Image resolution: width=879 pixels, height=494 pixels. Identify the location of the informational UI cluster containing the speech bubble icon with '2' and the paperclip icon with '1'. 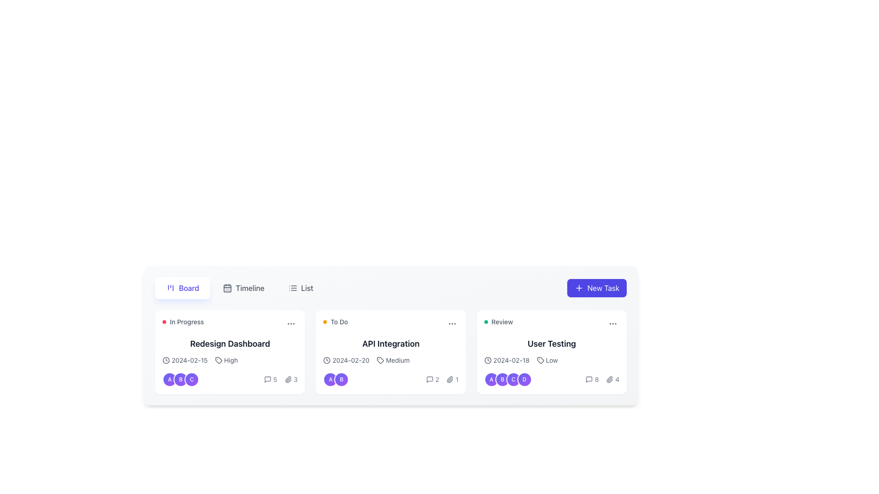
(442, 379).